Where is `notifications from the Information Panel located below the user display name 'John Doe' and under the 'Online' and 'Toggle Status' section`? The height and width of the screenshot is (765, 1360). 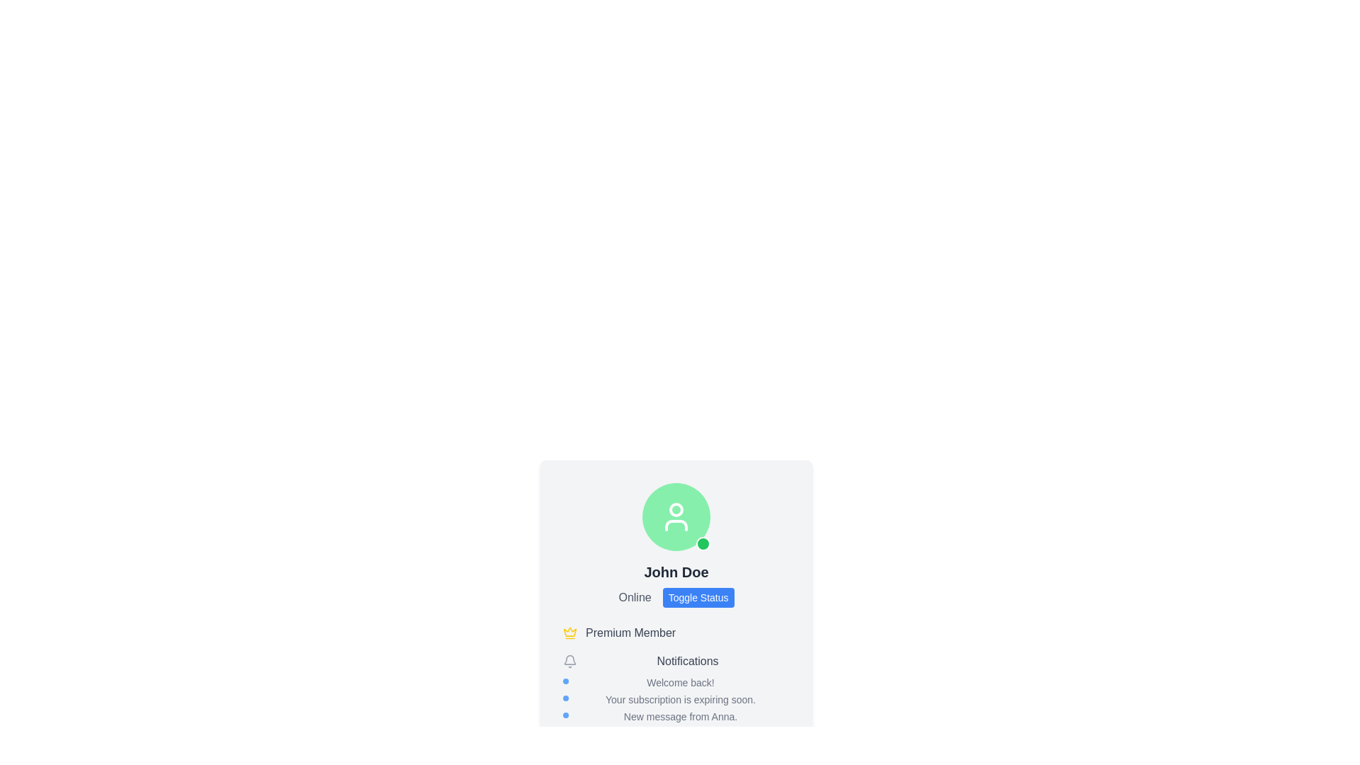 notifications from the Information Panel located below the user display name 'John Doe' and under the 'Online' and 'Toggle Status' section is located at coordinates (676, 674).